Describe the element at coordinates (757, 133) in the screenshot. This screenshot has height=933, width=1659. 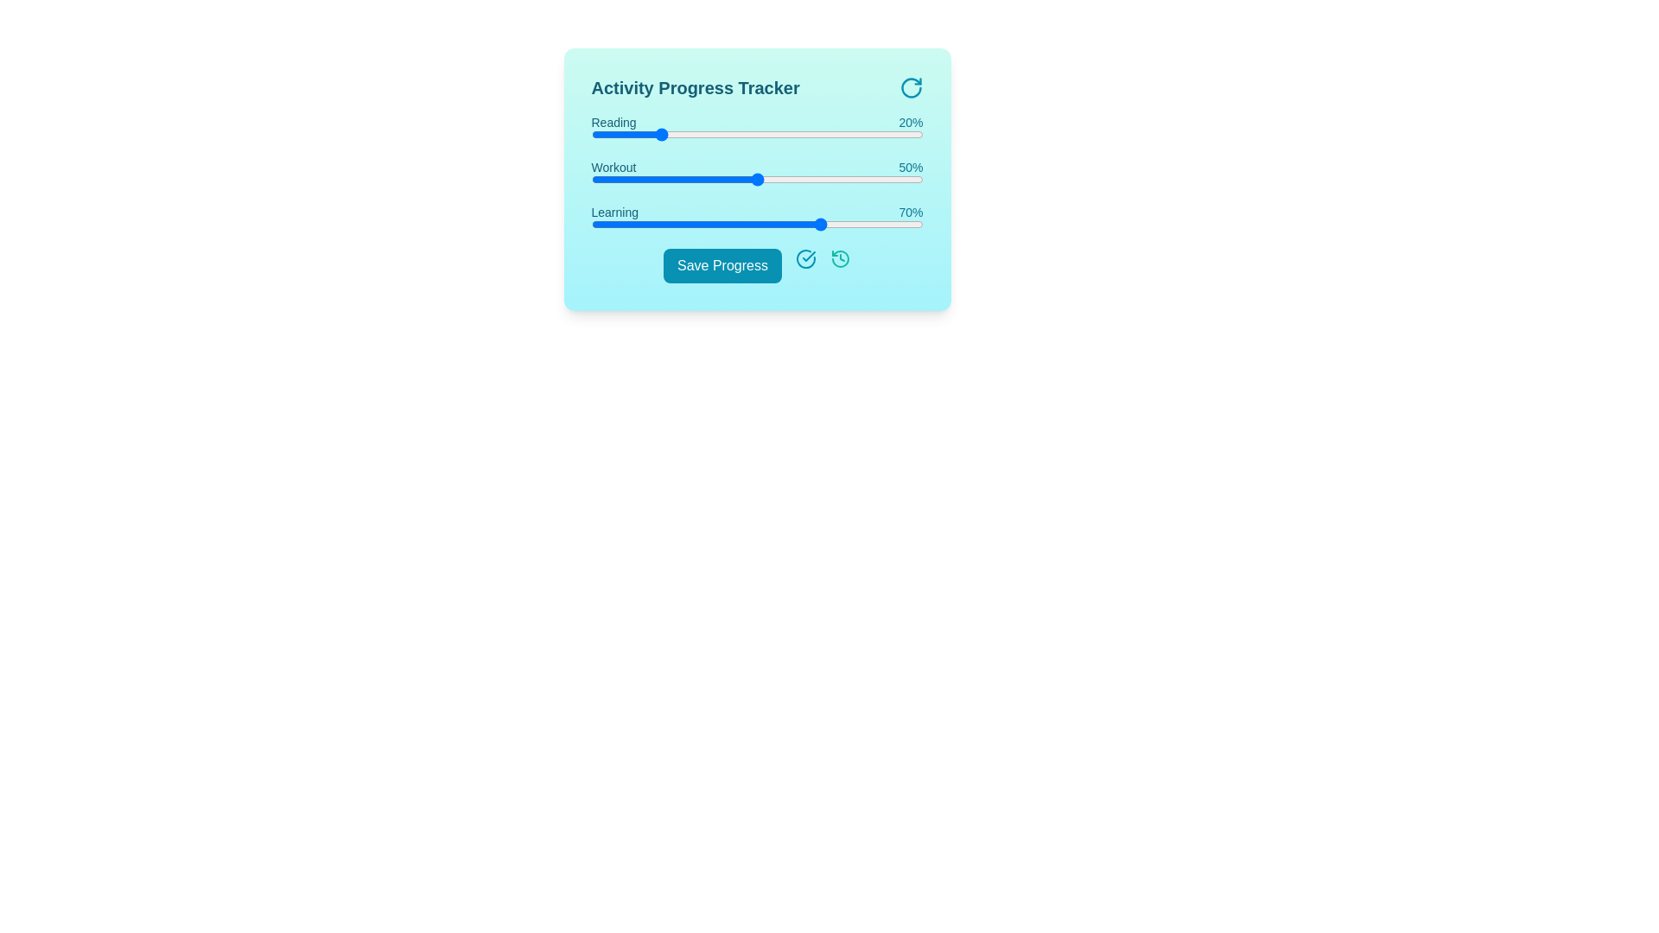
I see `the progress value for a specific activity by setting the slider to 50` at that location.